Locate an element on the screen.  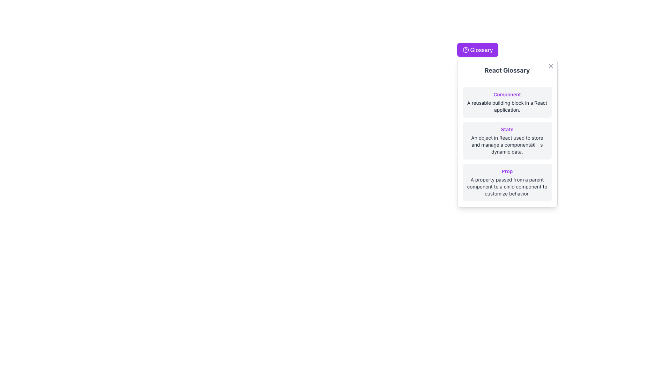
the 'Glossary' button, which has a vivid purple background and white text is located at coordinates (477, 49).